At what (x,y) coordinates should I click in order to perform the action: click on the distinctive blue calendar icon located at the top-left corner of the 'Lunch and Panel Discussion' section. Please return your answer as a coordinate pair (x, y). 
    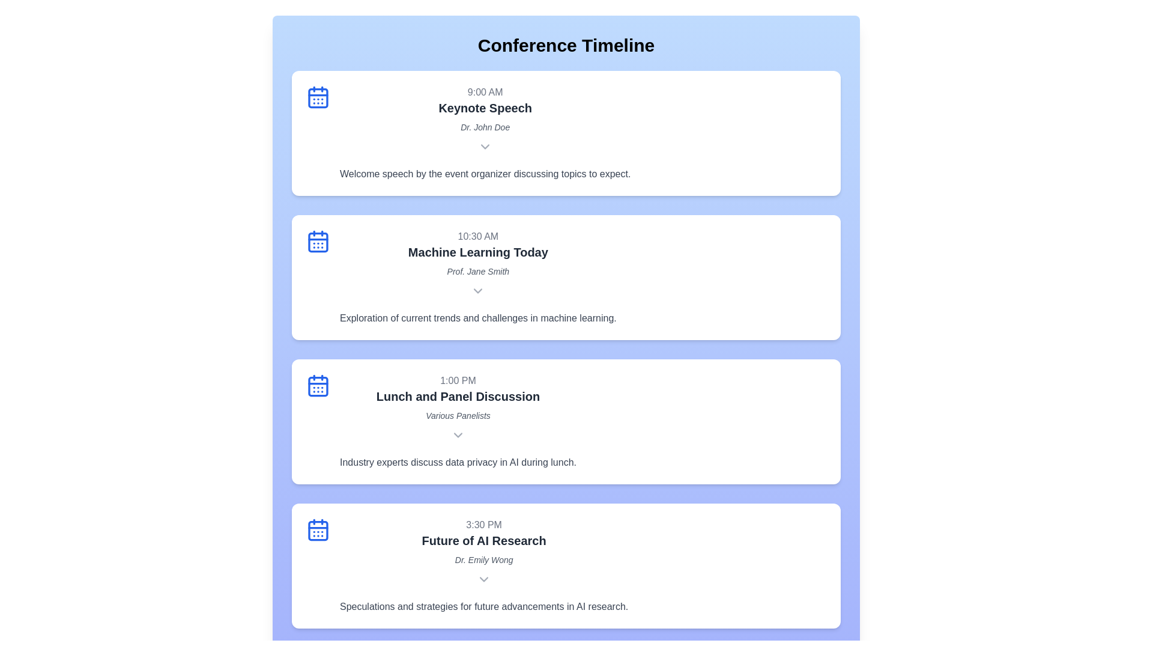
    Looking at the image, I should click on (318, 385).